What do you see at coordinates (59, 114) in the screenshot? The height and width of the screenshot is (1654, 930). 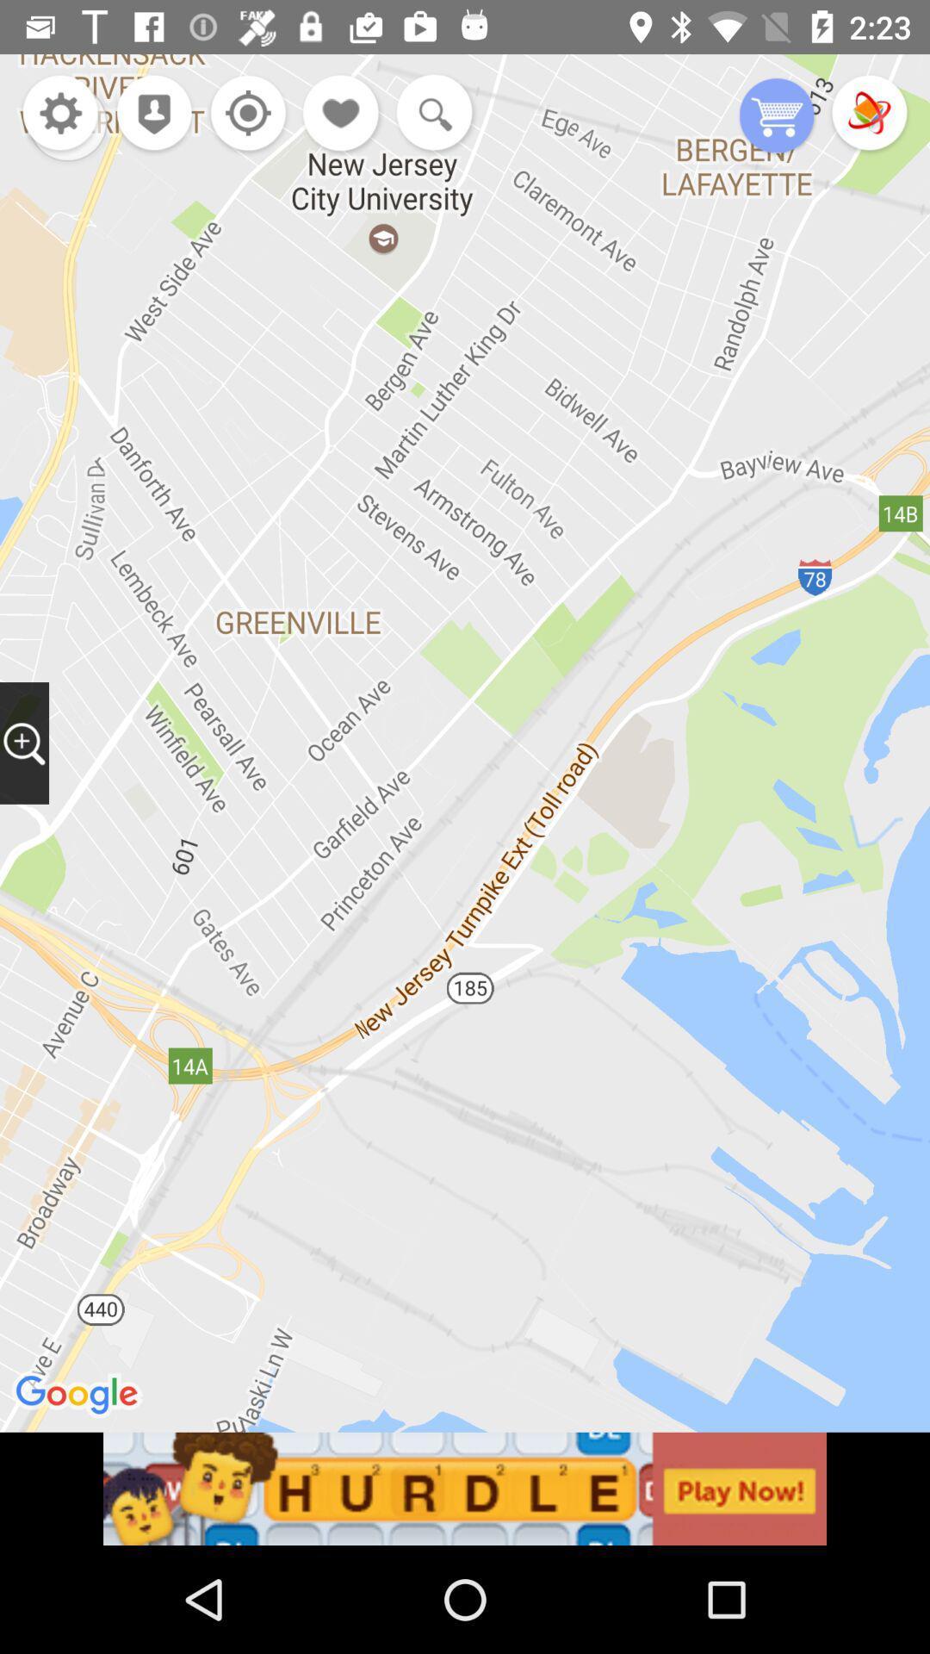 I see `settings` at bounding box center [59, 114].